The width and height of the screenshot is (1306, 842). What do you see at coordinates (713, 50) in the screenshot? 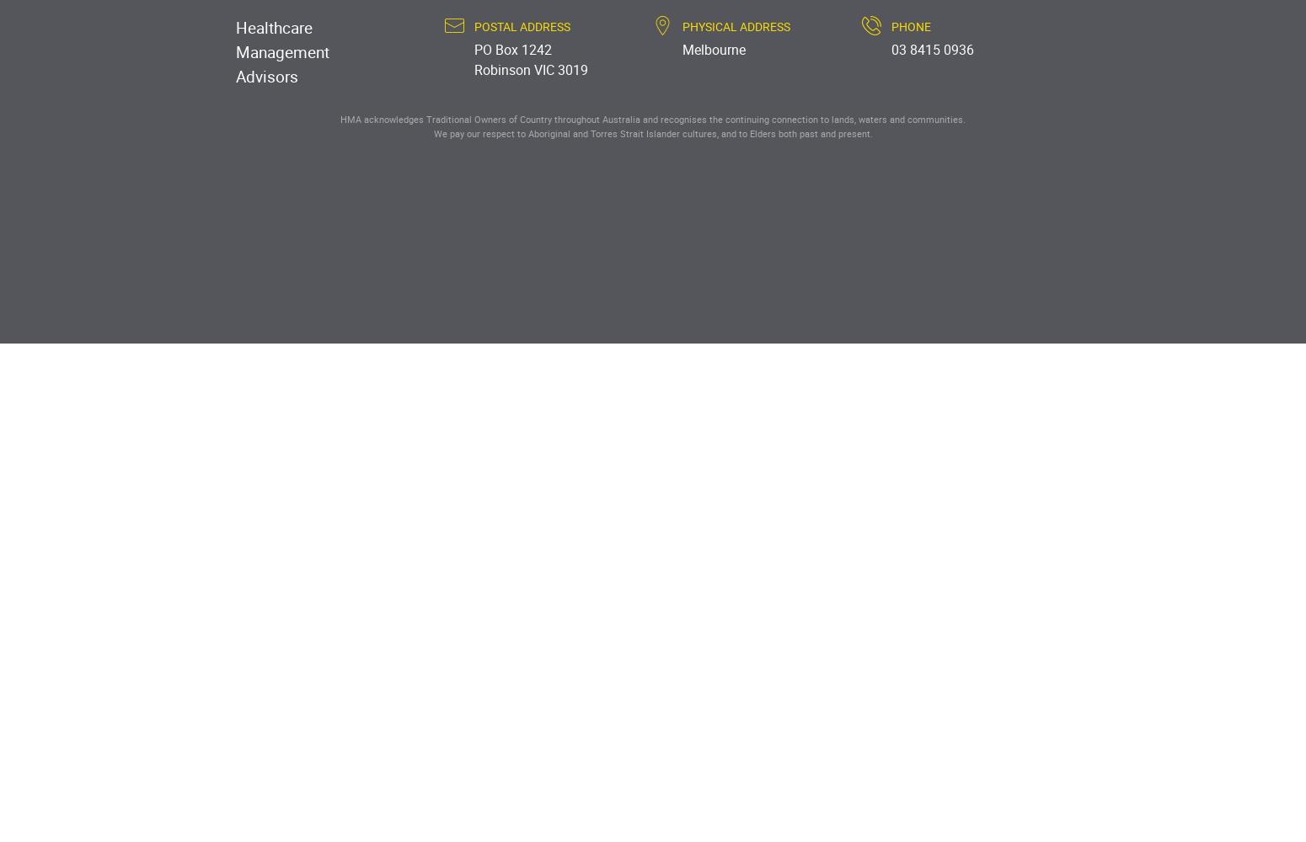
I see `'Melbourne'` at bounding box center [713, 50].